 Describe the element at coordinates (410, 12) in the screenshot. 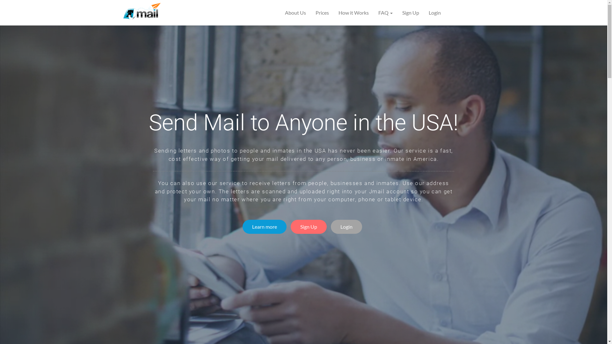

I see `'Sign Up'` at that location.